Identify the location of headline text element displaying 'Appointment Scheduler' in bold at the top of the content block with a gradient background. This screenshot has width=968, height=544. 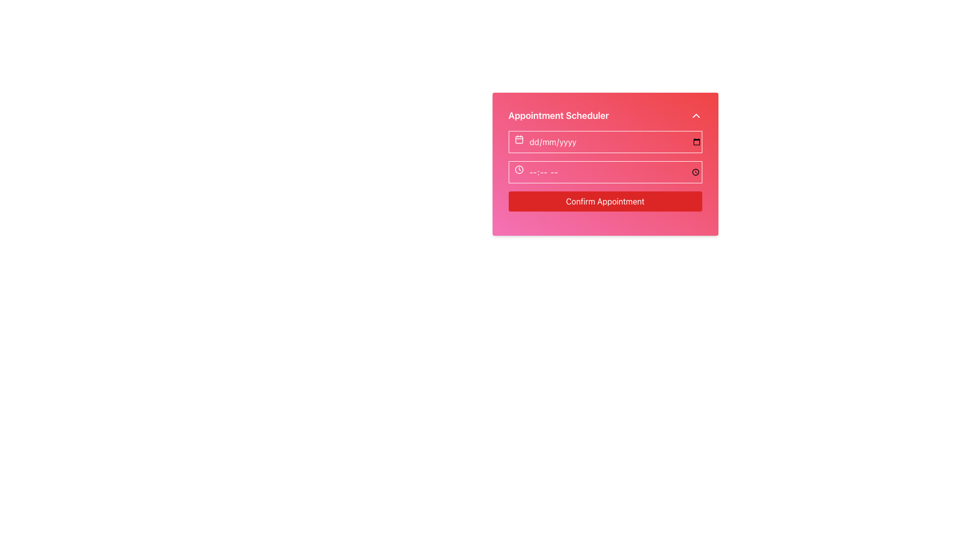
(558, 115).